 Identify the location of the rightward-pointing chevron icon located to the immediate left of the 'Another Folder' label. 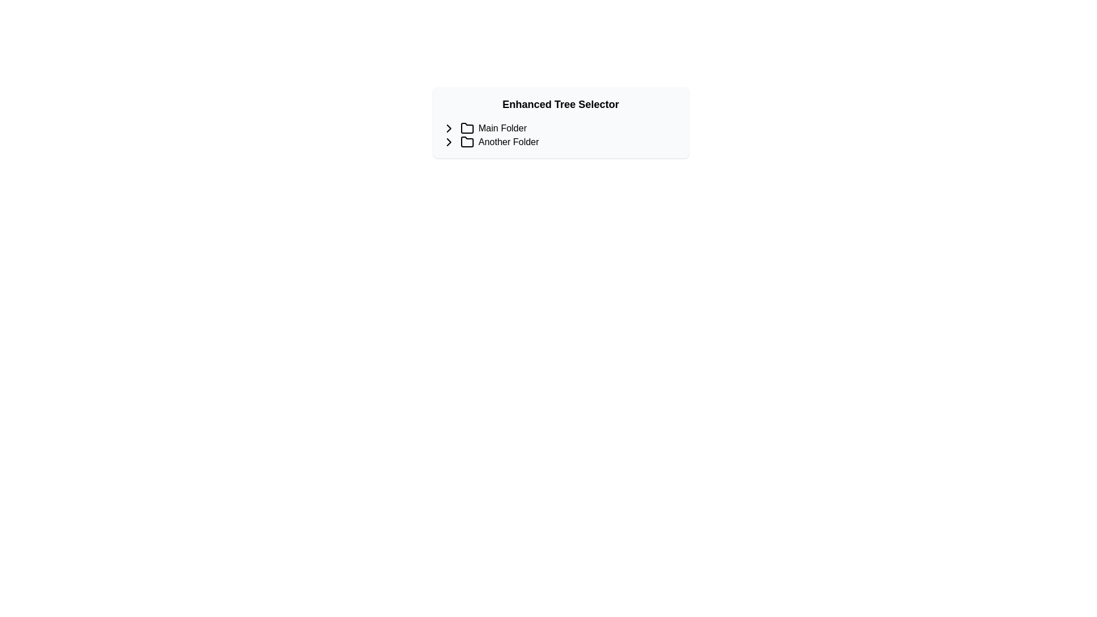
(448, 142).